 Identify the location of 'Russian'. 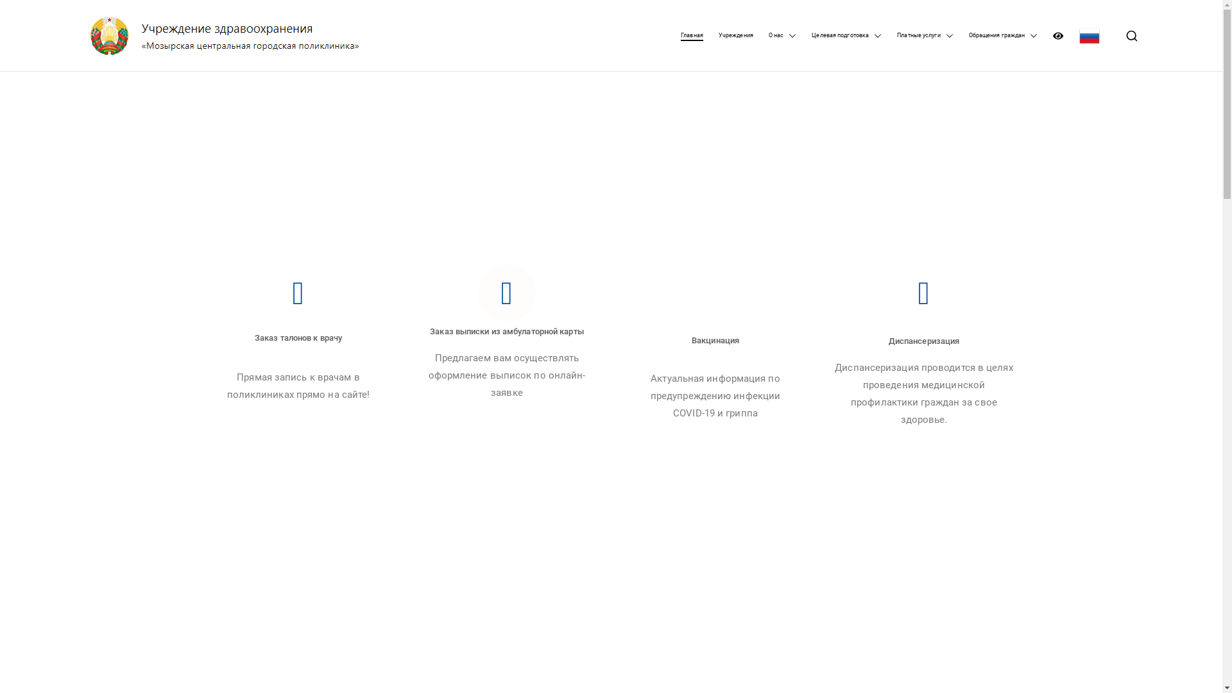
(1089, 35).